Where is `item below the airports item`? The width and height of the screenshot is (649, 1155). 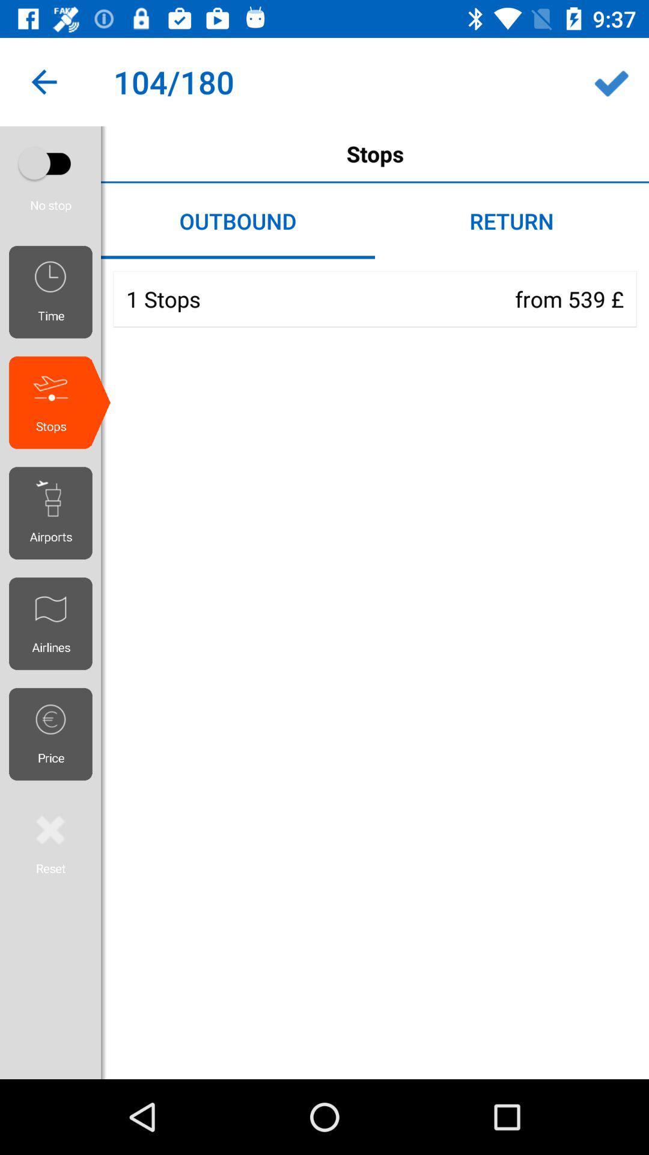 item below the airports item is located at coordinates (55, 623).